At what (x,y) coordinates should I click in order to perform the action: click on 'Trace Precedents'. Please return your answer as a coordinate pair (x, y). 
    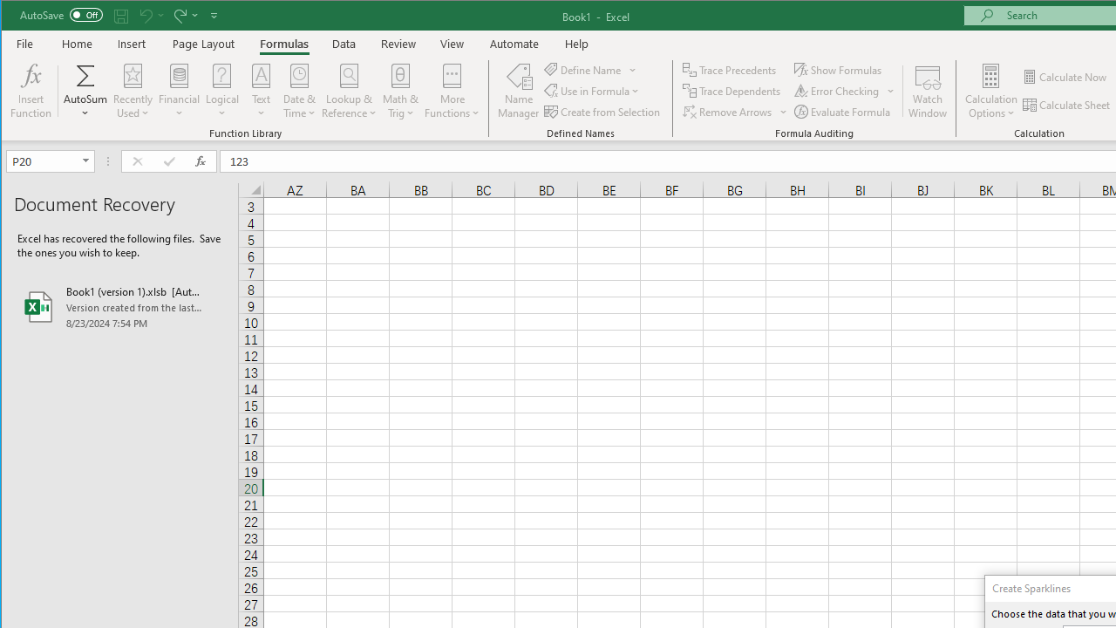
    Looking at the image, I should click on (731, 69).